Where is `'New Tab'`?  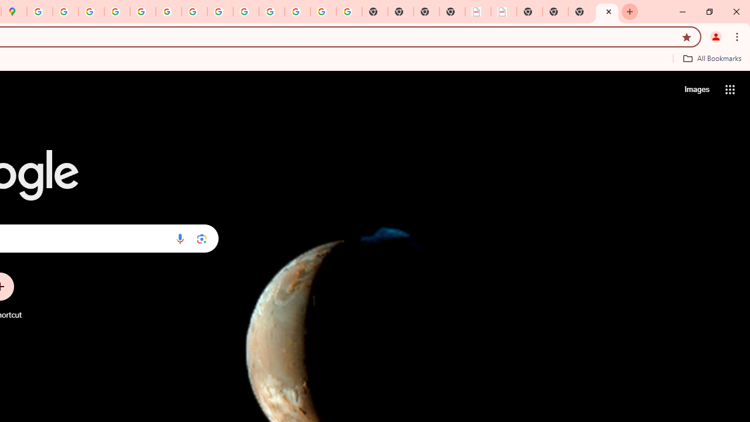 'New Tab' is located at coordinates (581, 12).